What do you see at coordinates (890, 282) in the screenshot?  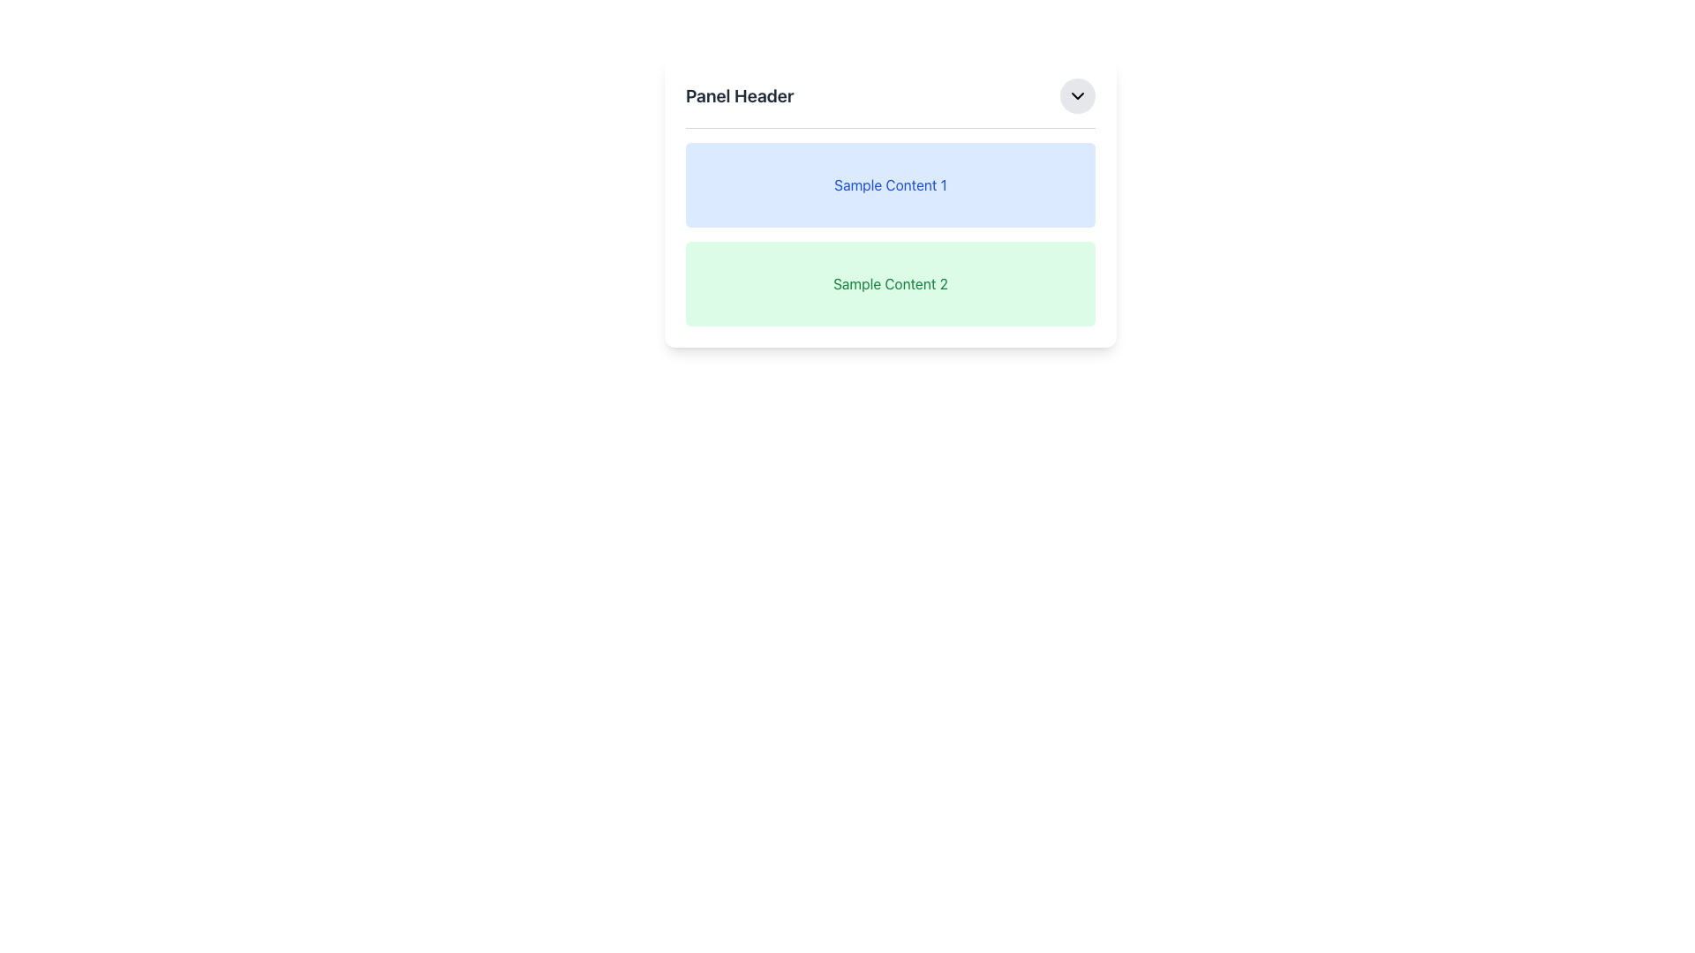 I see `the Text Label located in the center of the light green section below the blue section labeled 'Sample Content 1'` at bounding box center [890, 282].